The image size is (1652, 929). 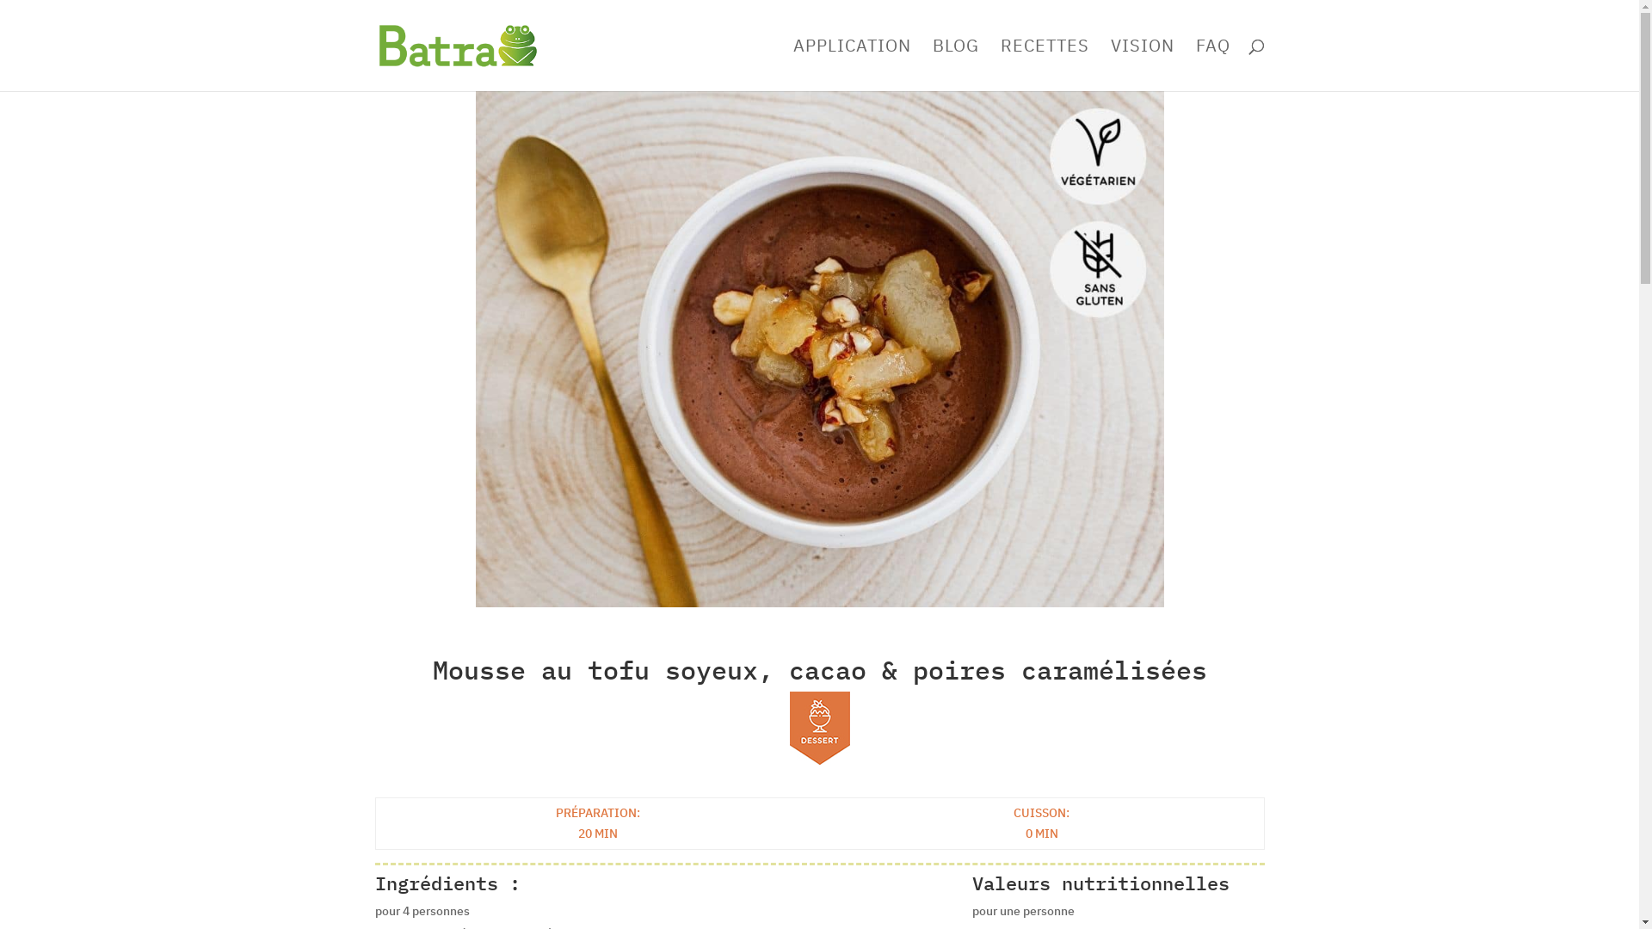 What do you see at coordinates (954, 65) in the screenshot?
I see `'BLOG'` at bounding box center [954, 65].